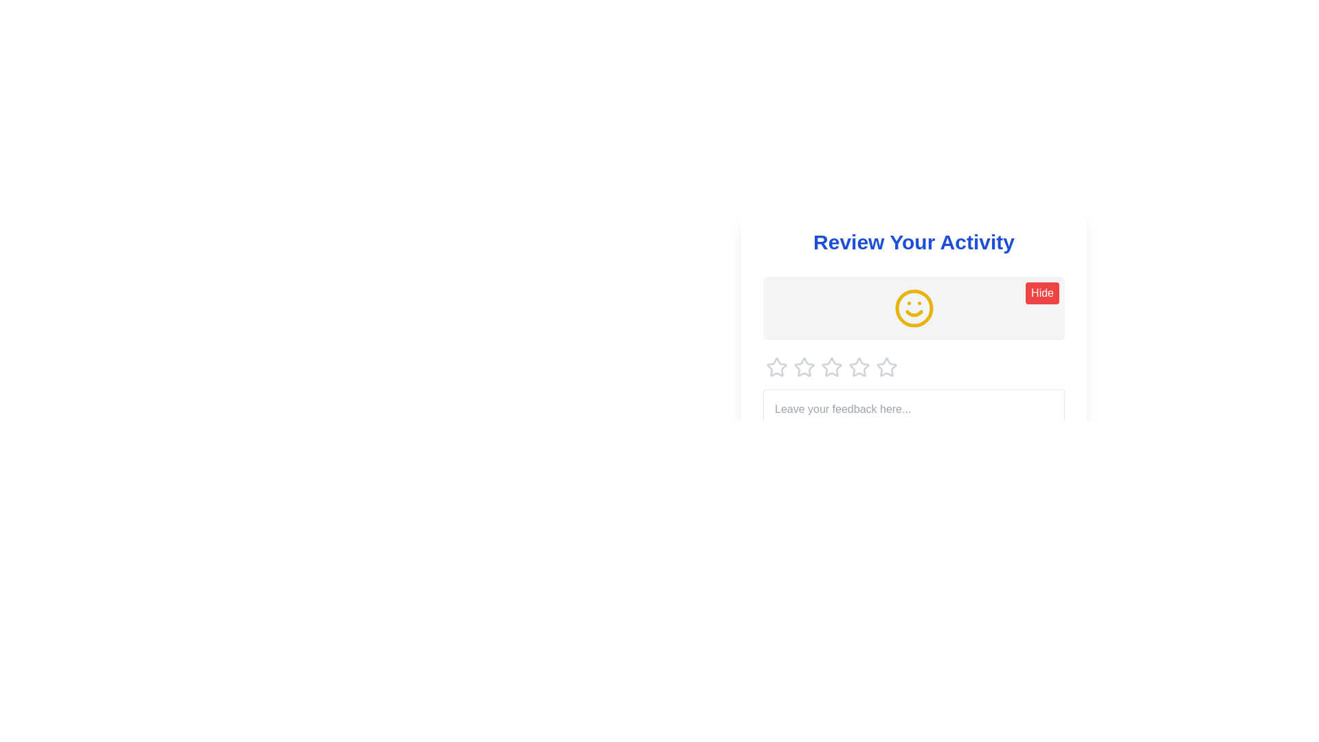 The height and width of the screenshot is (742, 1319). What do you see at coordinates (777, 367) in the screenshot?
I see `the rating to 1 stars by clicking on the corresponding star` at bounding box center [777, 367].